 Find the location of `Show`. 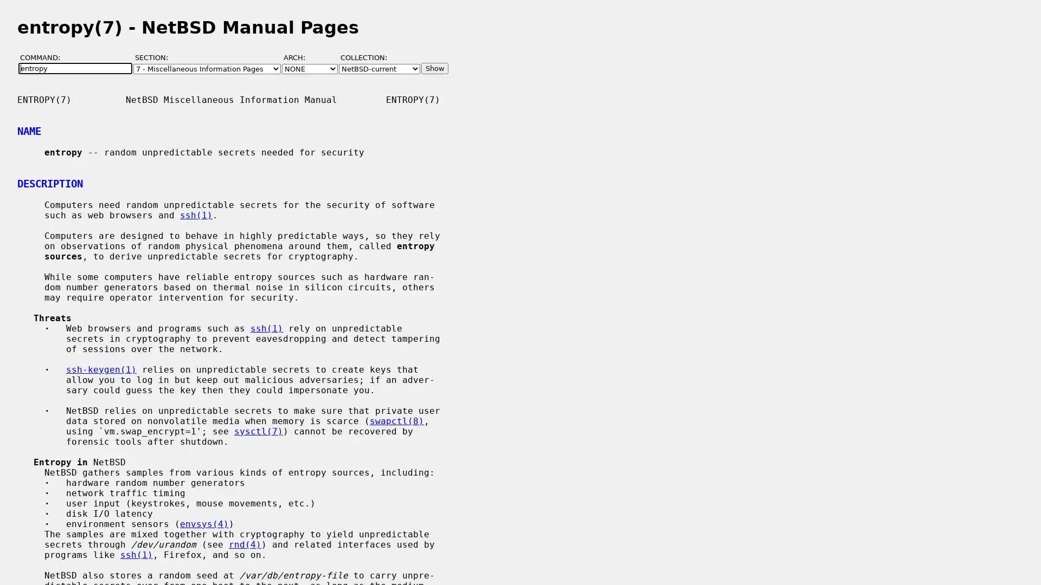

Show is located at coordinates (434, 68).